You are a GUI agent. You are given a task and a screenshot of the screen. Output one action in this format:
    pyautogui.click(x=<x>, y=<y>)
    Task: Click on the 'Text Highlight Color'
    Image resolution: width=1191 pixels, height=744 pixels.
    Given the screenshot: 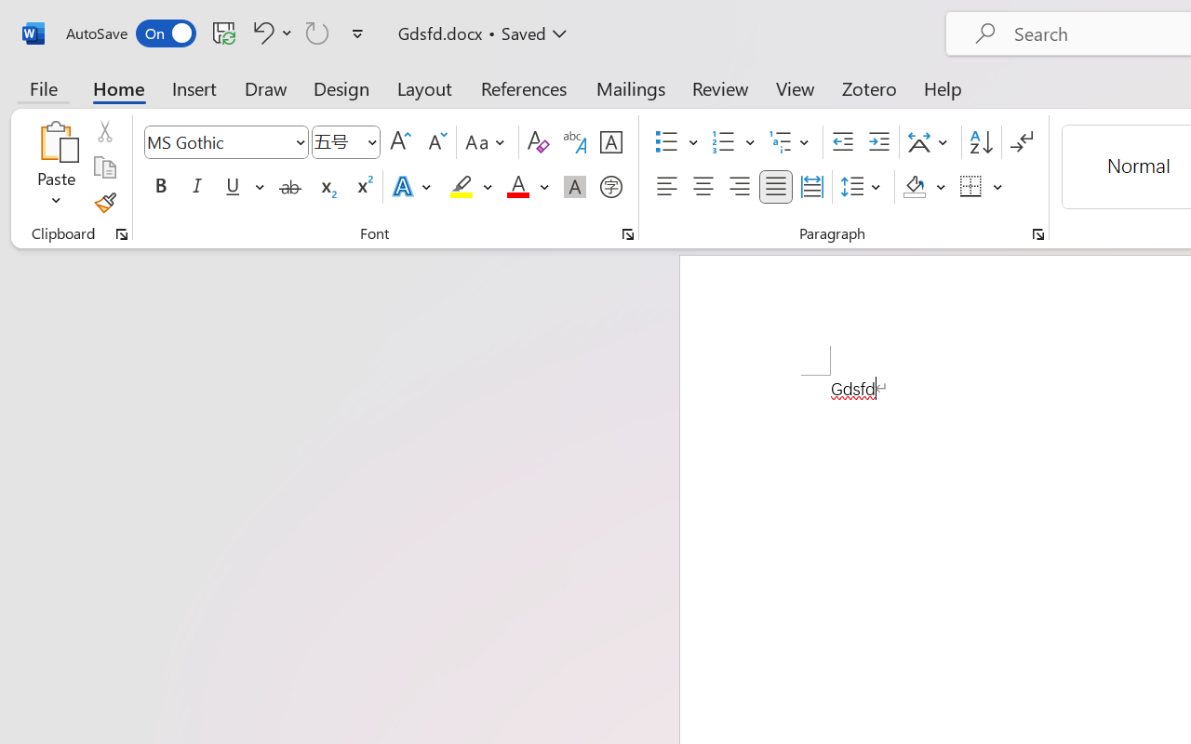 What is the action you would take?
    pyautogui.click(x=471, y=187)
    